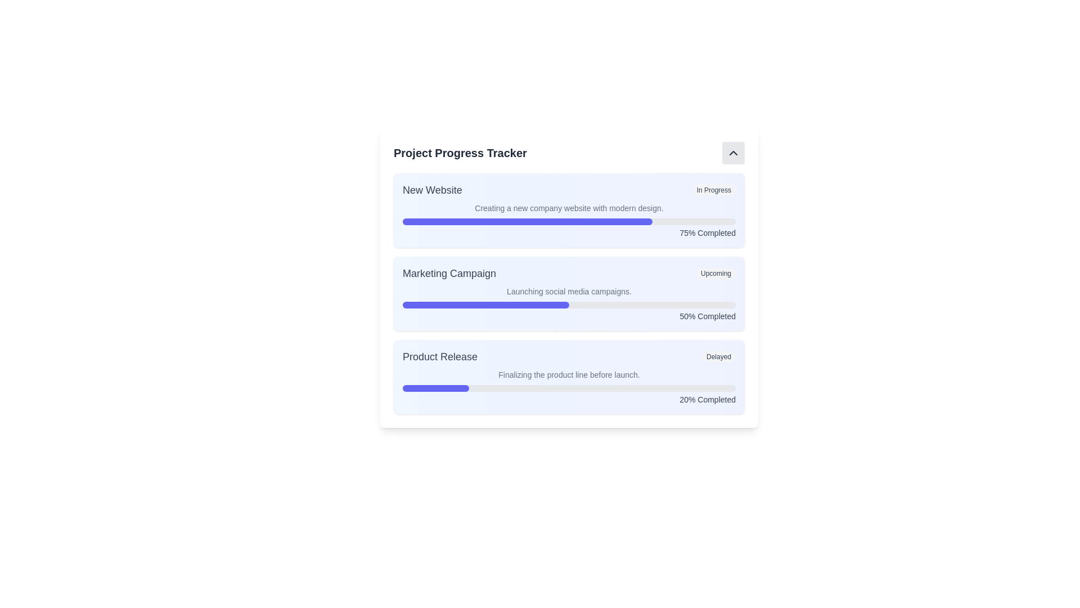  What do you see at coordinates (715, 274) in the screenshot?
I see `text of the 'Upcoming' status badge located in the upper-right section of the 'Marketing Campaign' header area in the 'Project Progress Tracker' interface` at bounding box center [715, 274].